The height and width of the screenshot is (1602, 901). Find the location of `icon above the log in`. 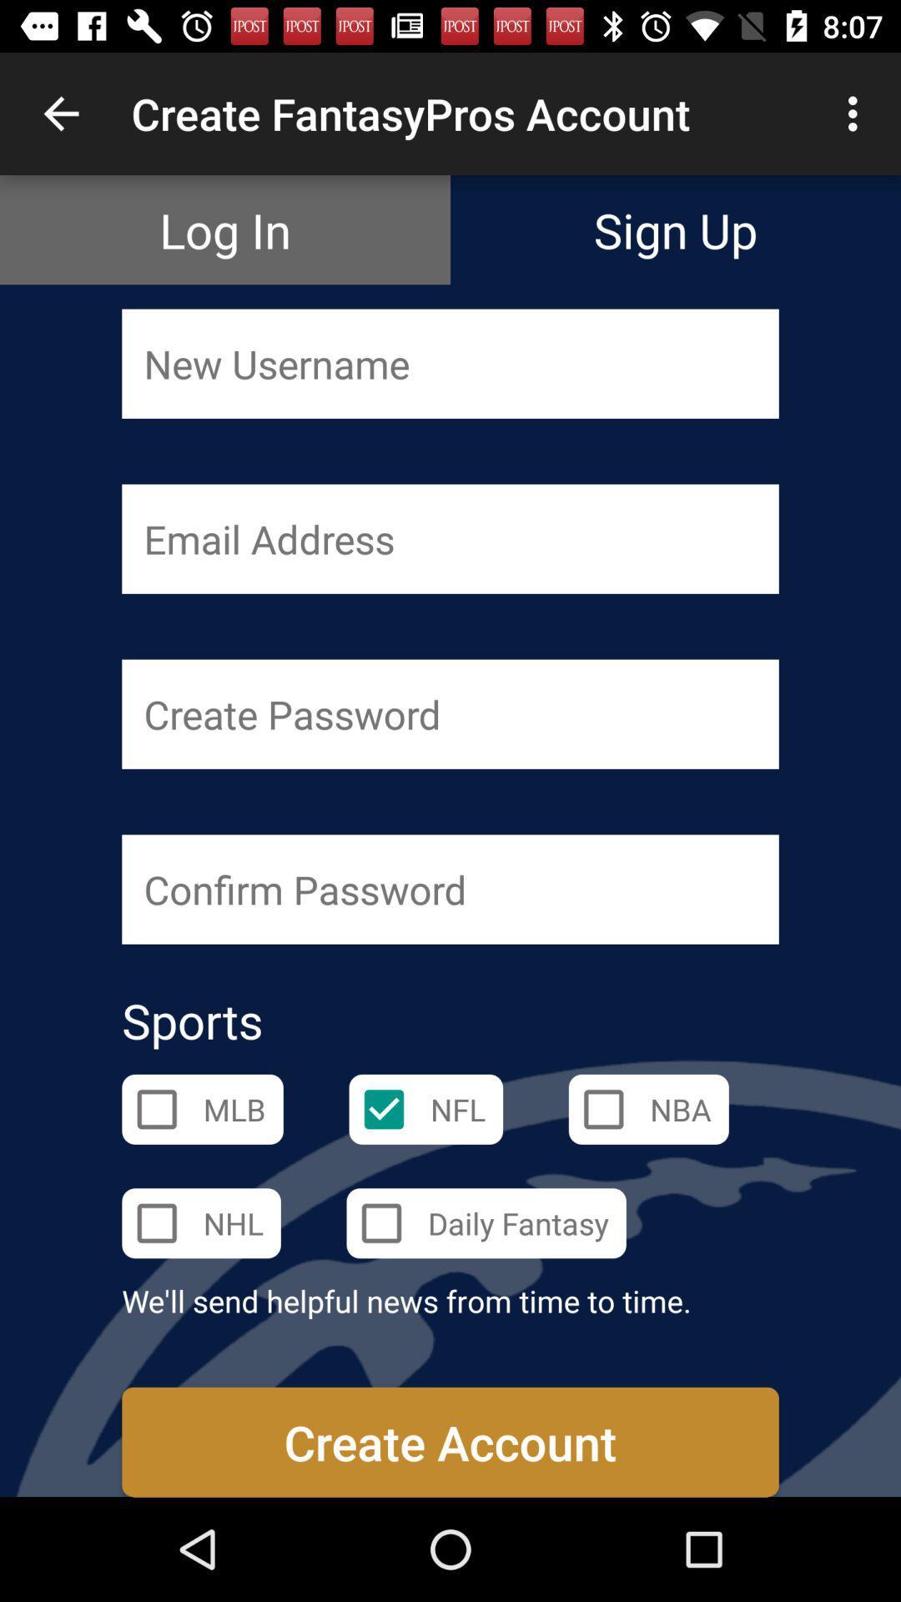

icon above the log in is located at coordinates (60, 113).